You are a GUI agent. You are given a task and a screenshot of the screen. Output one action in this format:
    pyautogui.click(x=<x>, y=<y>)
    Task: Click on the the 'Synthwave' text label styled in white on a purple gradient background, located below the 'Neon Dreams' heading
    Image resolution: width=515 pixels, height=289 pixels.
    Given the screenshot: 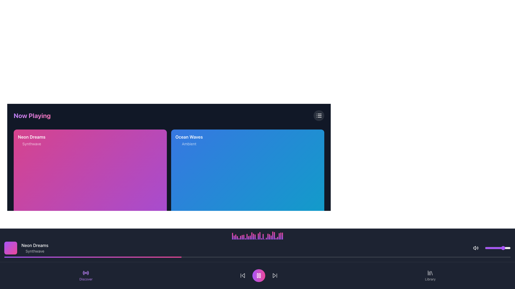 What is the action you would take?
    pyautogui.click(x=31, y=143)
    